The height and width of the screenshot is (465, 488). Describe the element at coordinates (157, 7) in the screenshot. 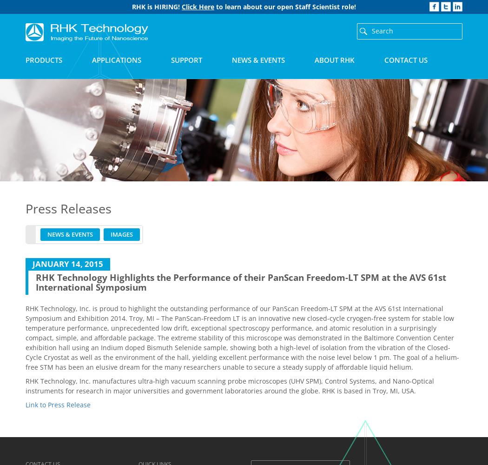

I see `'RHK is HIRING!'` at that location.